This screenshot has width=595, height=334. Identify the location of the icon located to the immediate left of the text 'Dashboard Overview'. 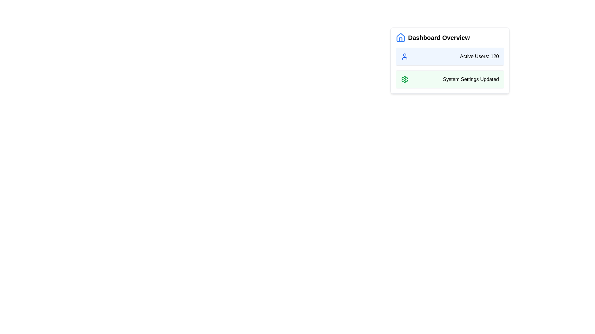
(400, 38).